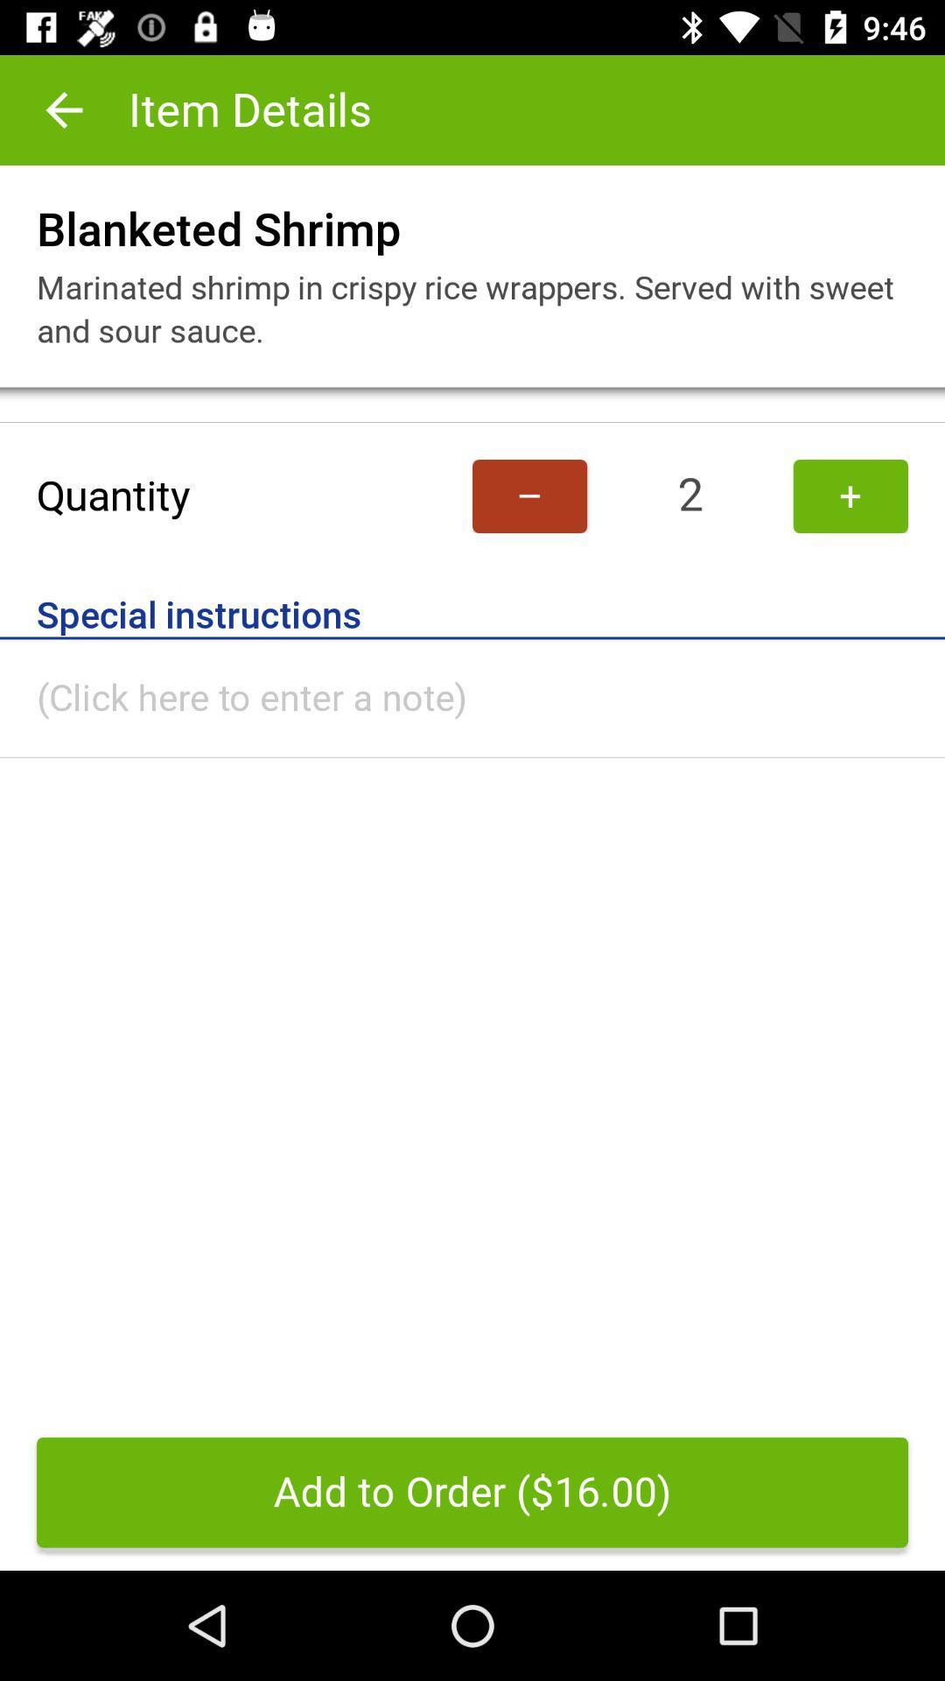  What do you see at coordinates (528, 495) in the screenshot?
I see `item to the left of 2` at bounding box center [528, 495].